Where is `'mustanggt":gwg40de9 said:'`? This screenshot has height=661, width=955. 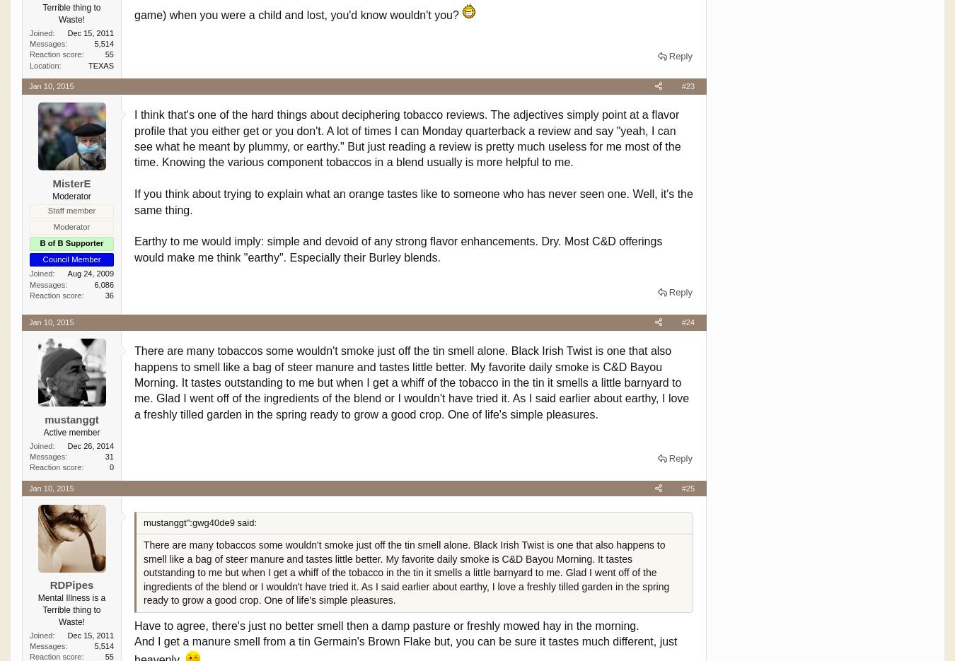 'mustanggt":gwg40de9 said:' is located at coordinates (199, 522).